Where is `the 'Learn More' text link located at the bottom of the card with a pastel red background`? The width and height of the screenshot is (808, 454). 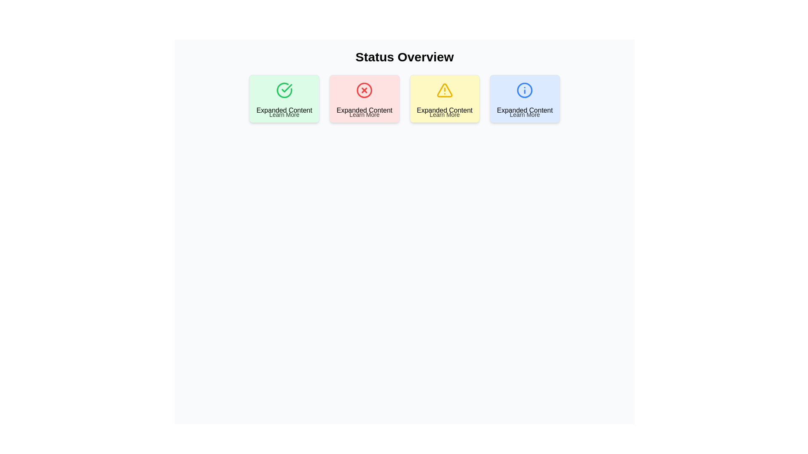 the 'Learn More' text link located at the bottom of the card with a pastel red background is located at coordinates (364, 115).